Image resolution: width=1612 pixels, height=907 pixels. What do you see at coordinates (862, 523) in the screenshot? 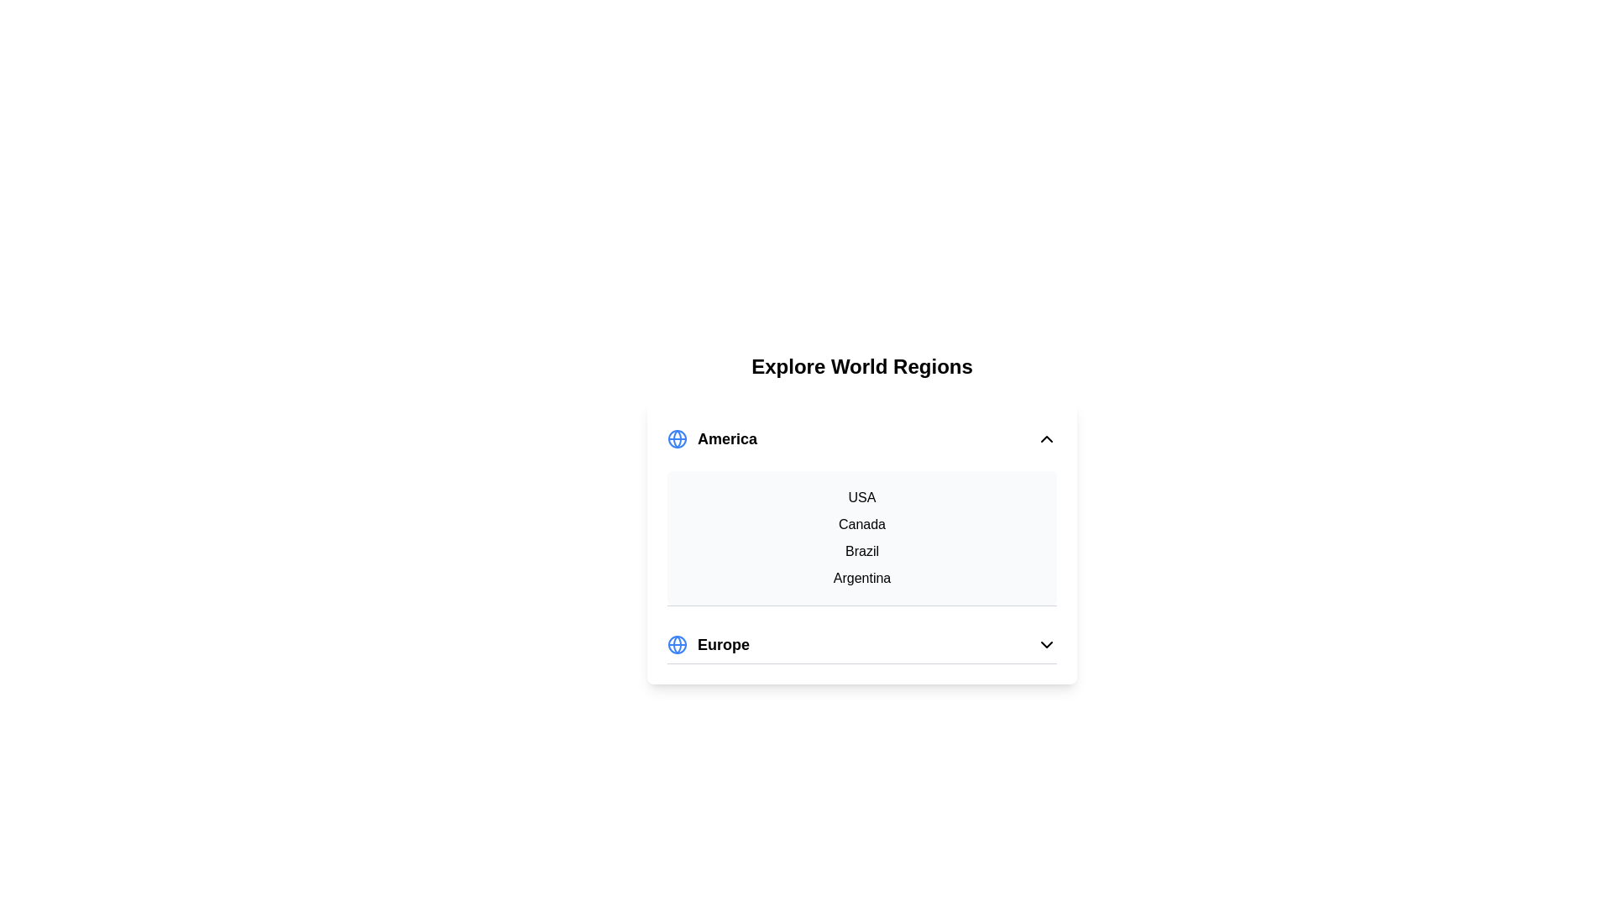
I see `the country Canada from the list under the expanded region` at bounding box center [862, 523].